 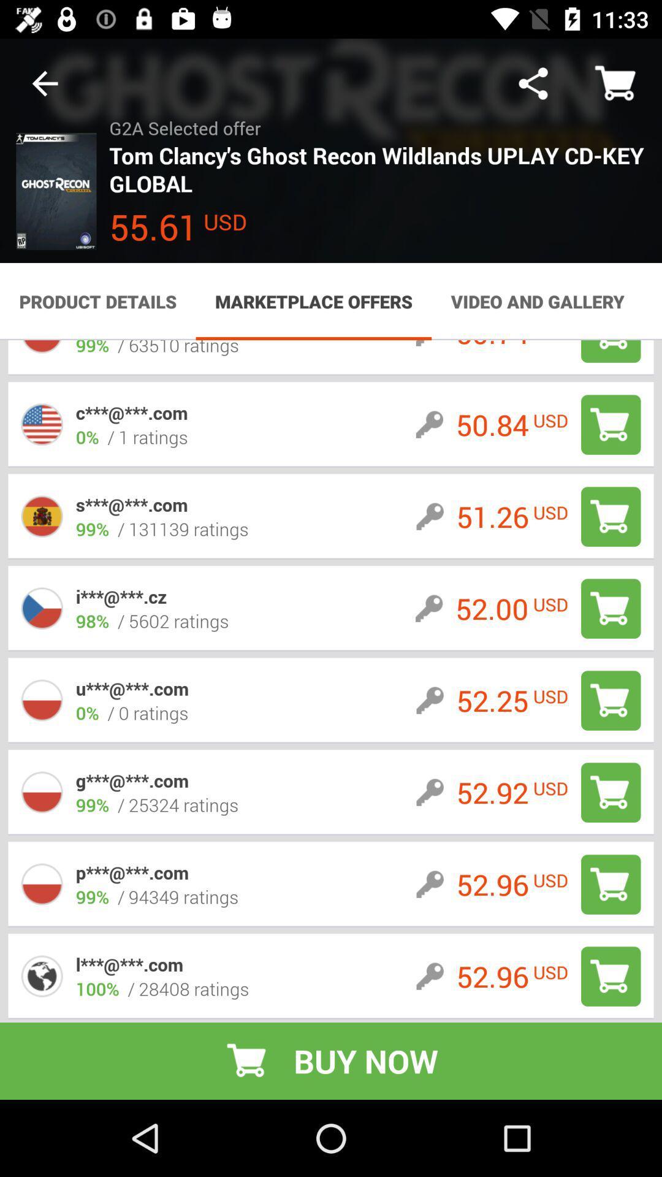 What do you see at coordinates (611, 976) in the screenshot?
I see `buy now option` at bounding box center [611, 976].